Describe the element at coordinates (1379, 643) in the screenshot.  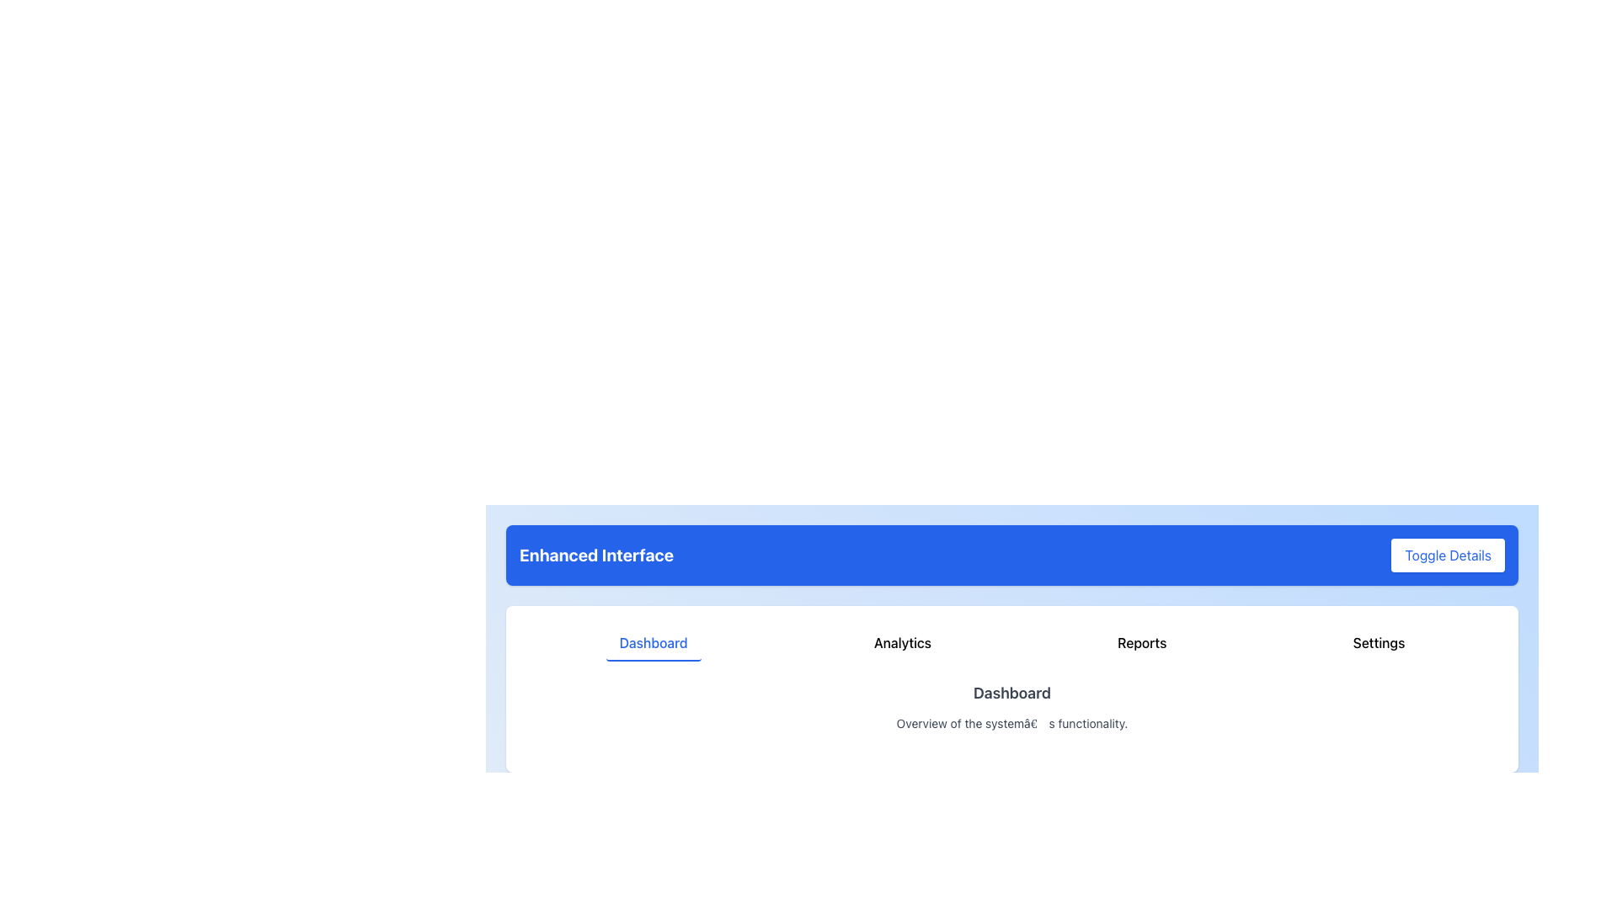
I see `the 'Settings' navigation tab` at that location.